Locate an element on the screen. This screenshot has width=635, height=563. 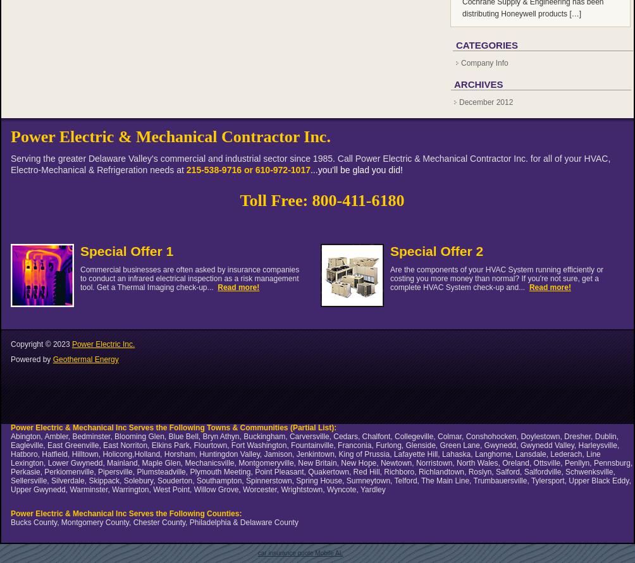
'Archives' is located at coordinates (453, 83).